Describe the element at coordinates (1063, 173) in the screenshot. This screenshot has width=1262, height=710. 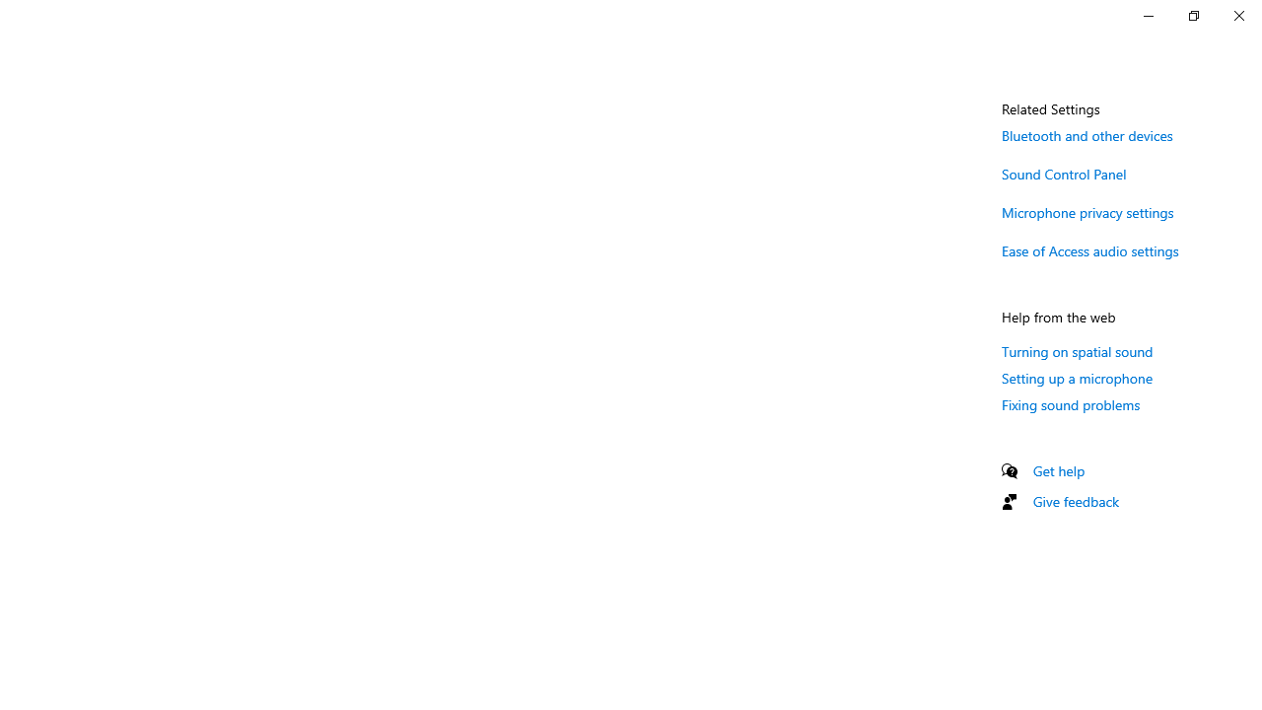
I see `'Sound Control Panel'` at that location.